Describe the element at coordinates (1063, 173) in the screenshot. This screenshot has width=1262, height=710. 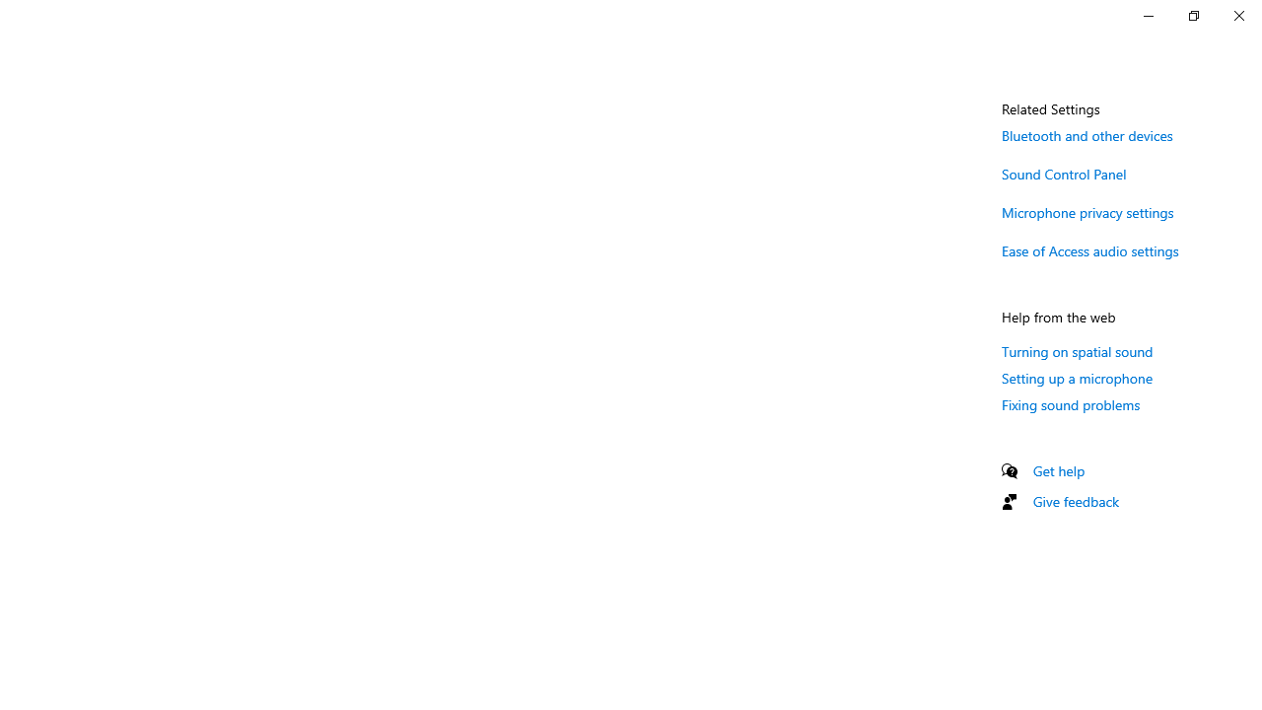
I see `'Sound Control Panel'` at that location.